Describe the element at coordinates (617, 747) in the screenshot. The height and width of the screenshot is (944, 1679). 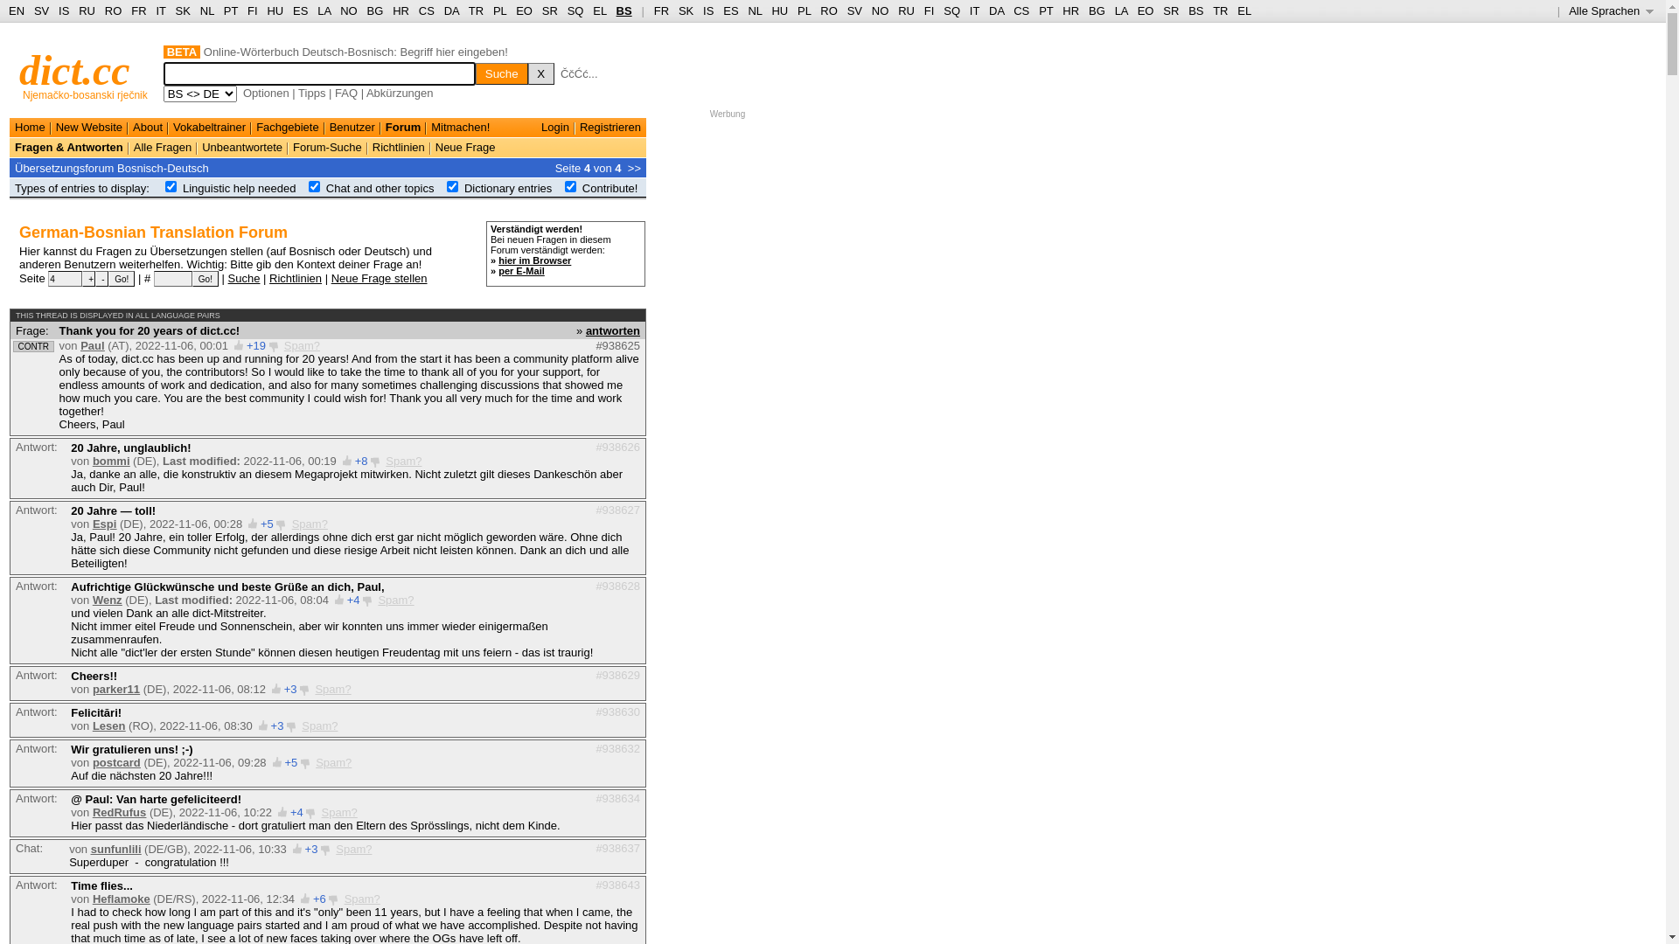
I see `'#938632'` at that location.